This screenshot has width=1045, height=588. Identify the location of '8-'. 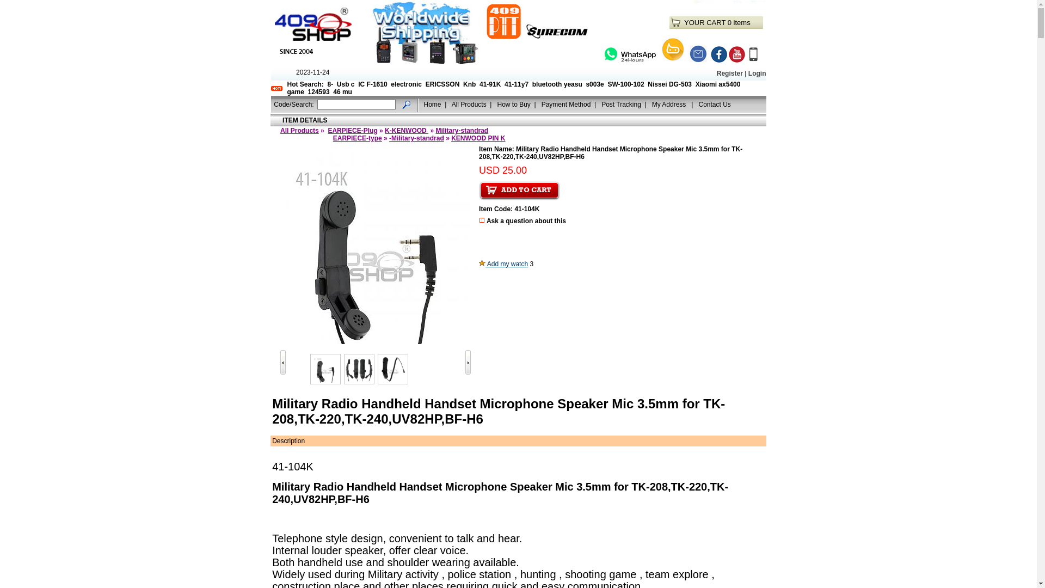
(330, 83).